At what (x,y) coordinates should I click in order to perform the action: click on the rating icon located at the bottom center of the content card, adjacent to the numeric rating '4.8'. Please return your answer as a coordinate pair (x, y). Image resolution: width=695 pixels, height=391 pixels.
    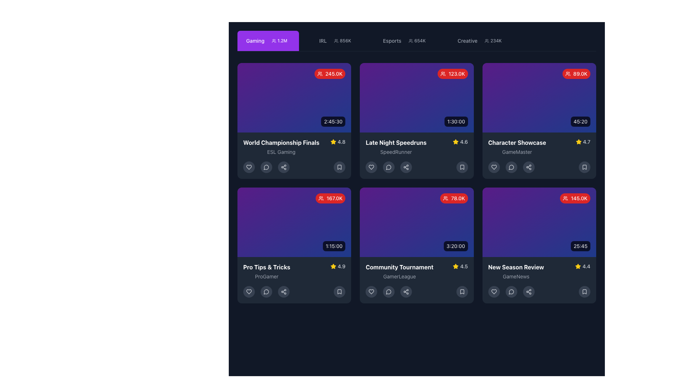
    Looking at the image, I should click on (333, 142).